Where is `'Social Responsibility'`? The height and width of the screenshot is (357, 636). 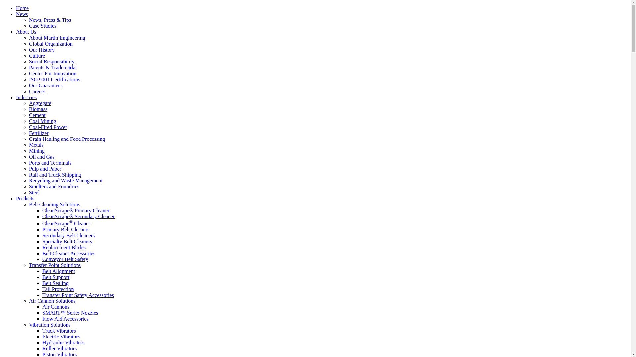 'Social Responsibility' is located at coordinates (51, 61).